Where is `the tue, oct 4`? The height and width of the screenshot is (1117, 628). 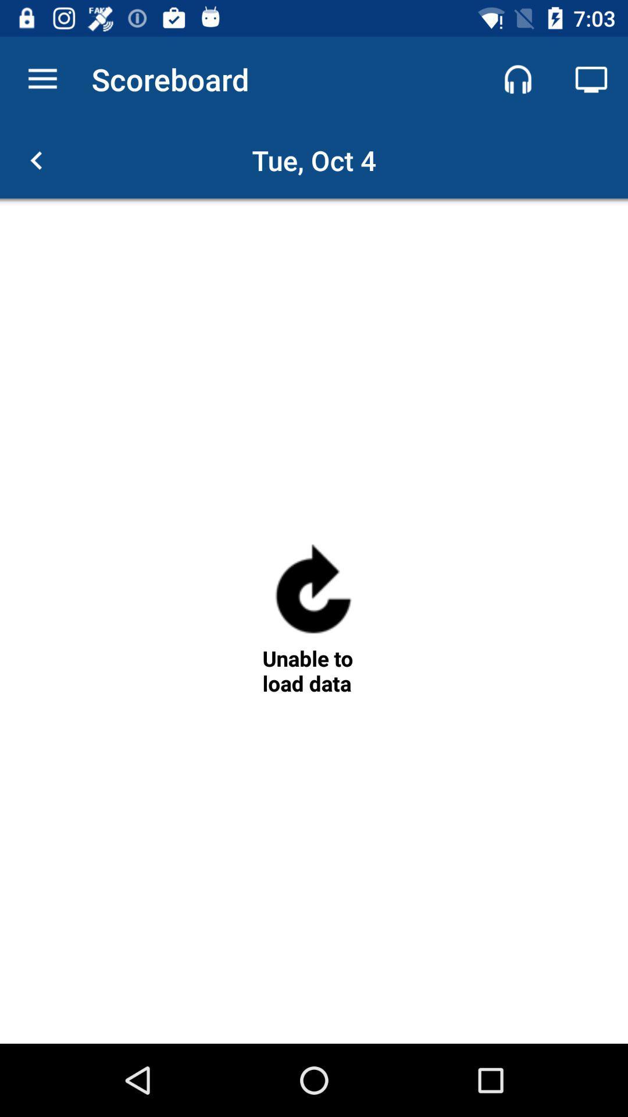 the tue, oct 4 is located at coordinates (314, 159).